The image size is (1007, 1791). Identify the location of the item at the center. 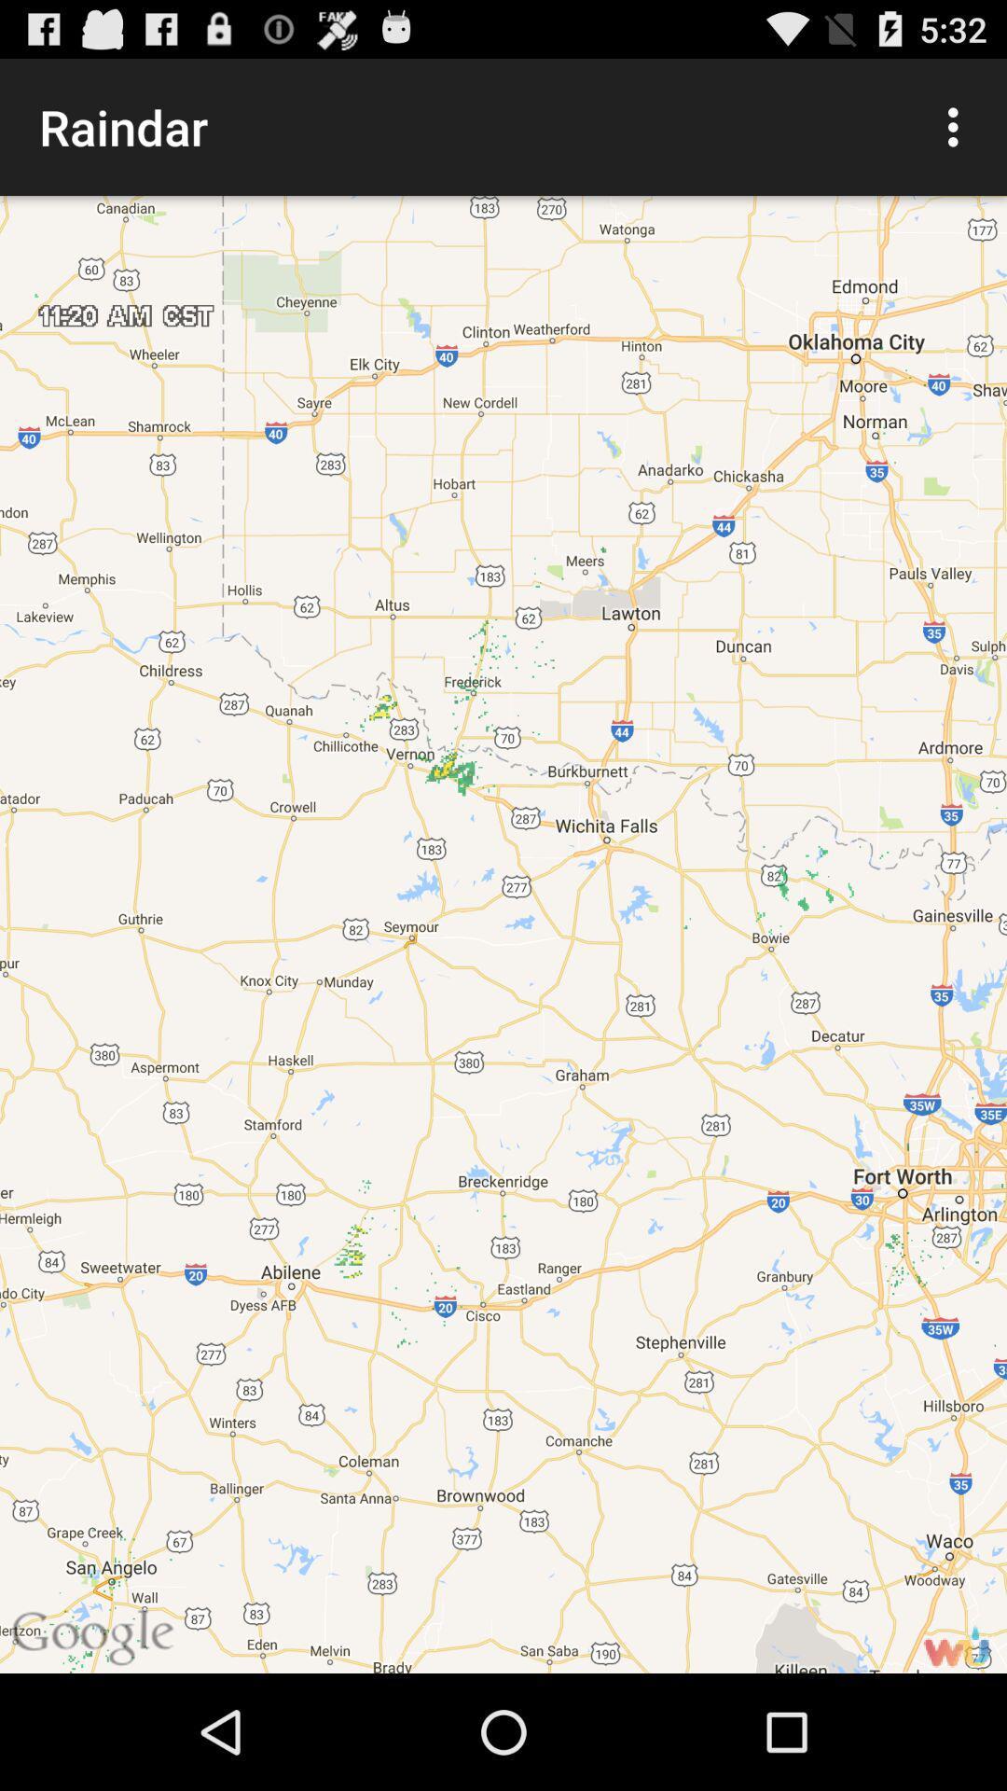
(504, 935).